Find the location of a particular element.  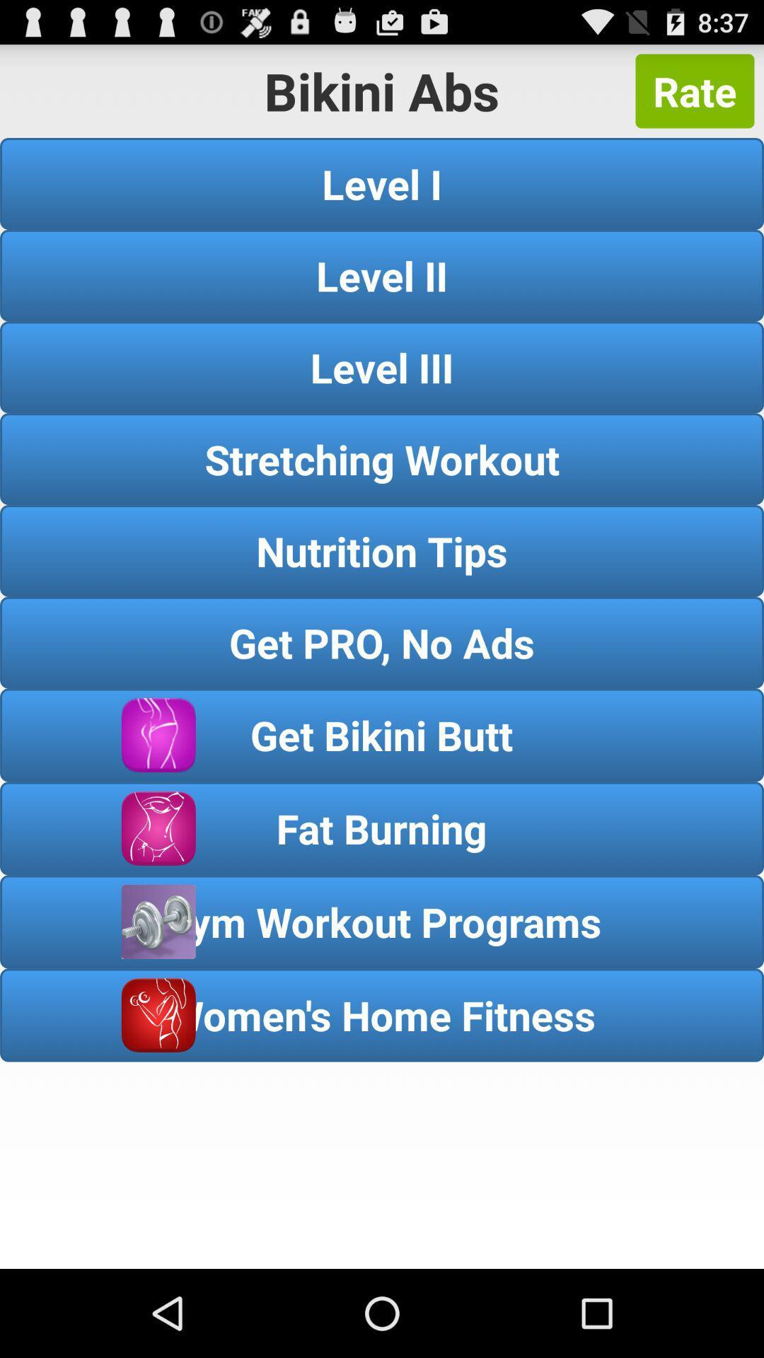

the icon below the level ii icon is located at coordinates (382, 367).